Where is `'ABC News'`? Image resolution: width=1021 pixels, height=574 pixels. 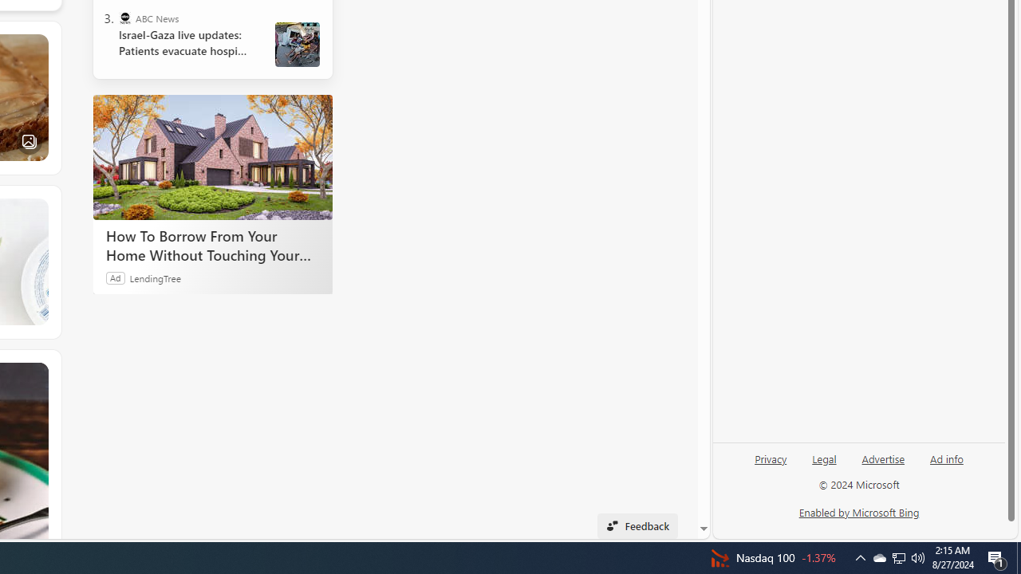 'ABC News' is located at coordinates (124, 18).